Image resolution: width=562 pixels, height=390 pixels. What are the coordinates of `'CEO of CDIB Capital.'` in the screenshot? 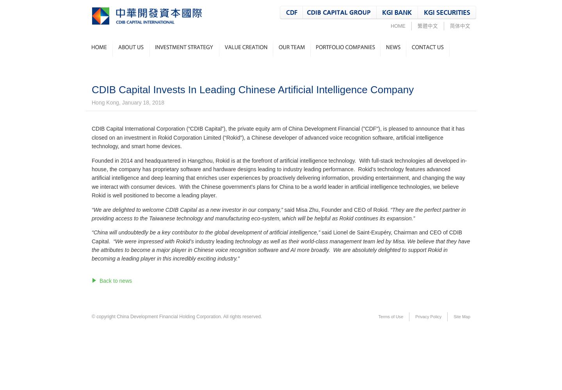 It's located at (277, 236).